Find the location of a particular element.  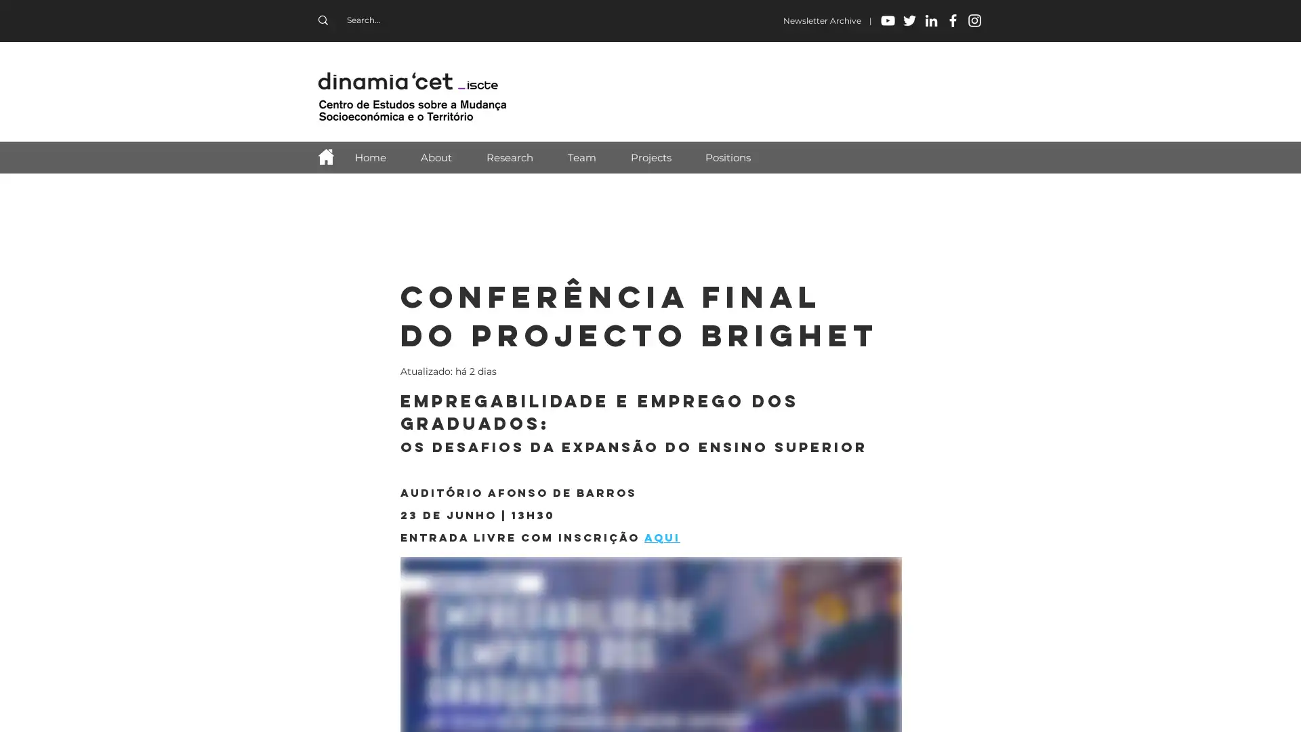

Aceitar is located at coordinates (1239, 710).